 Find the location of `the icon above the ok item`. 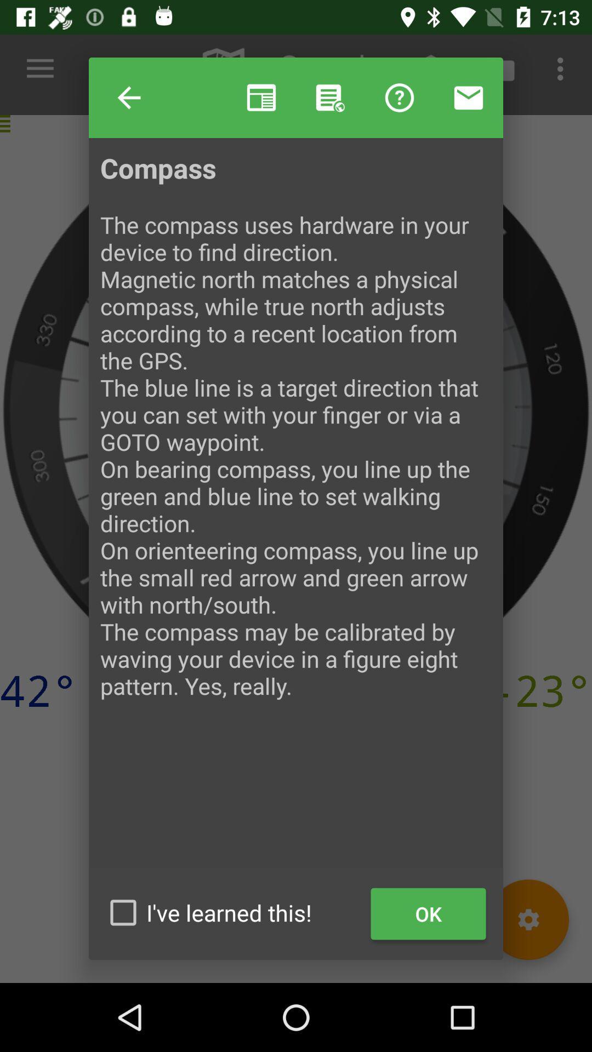

the icon above the ok item is located at coordinates (296, 508).